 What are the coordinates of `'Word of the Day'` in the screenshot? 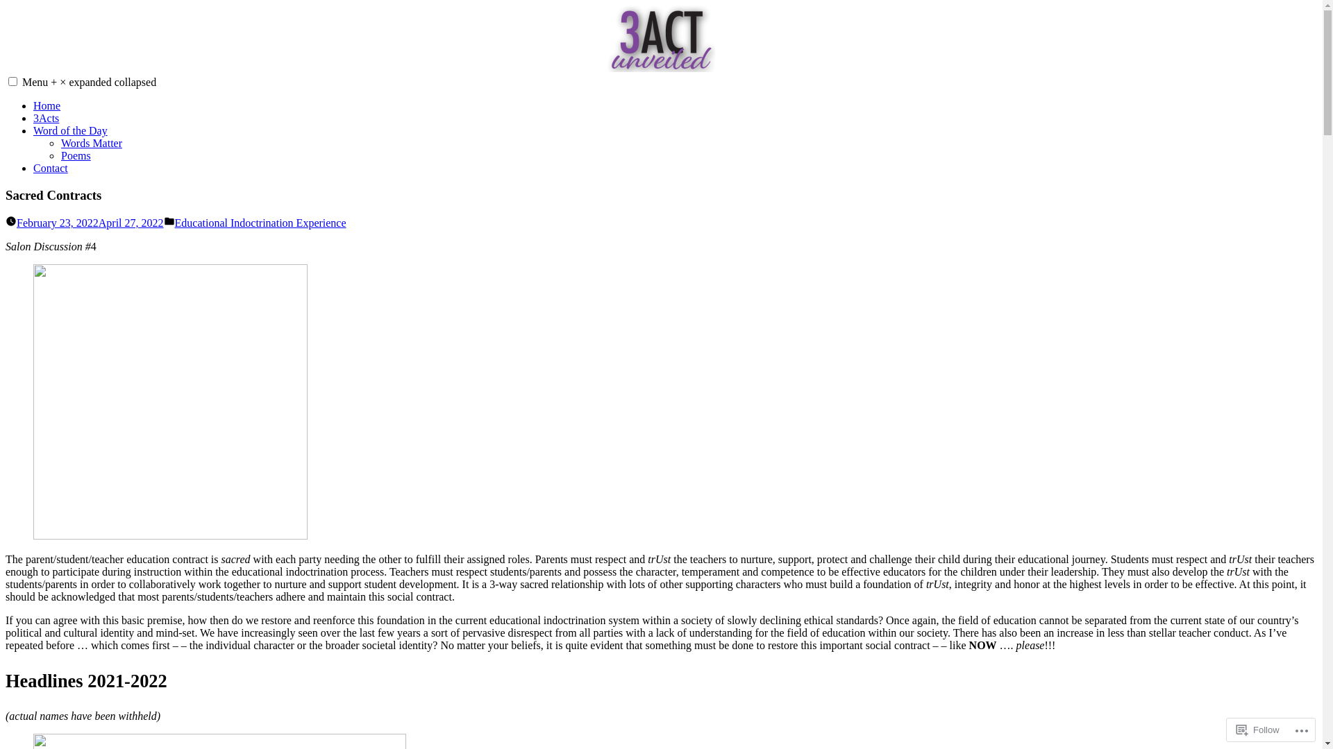 It's located at (33, 130).